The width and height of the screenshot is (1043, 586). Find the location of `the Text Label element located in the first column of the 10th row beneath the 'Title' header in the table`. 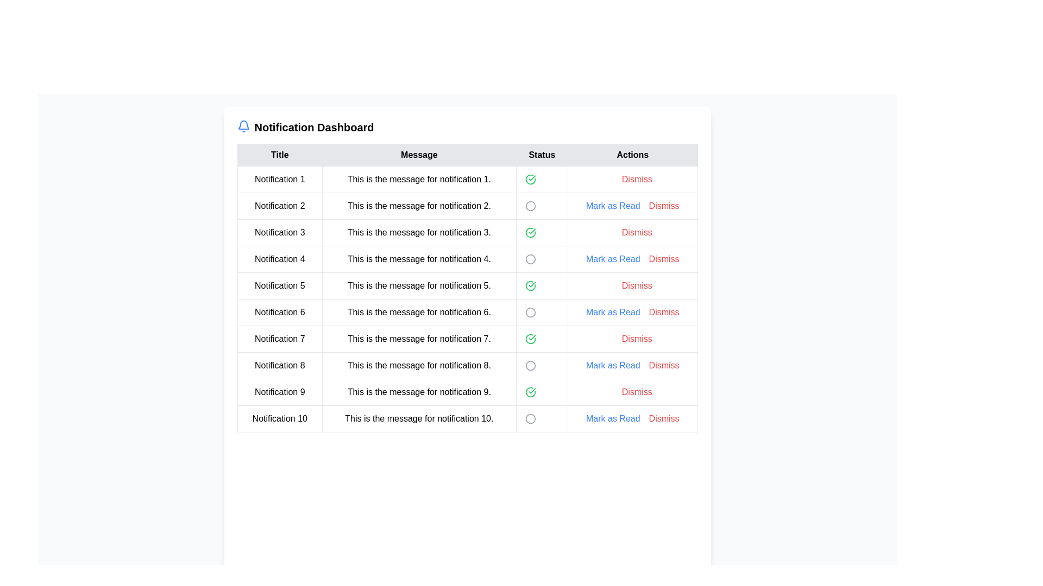

the Text Label element located in the first column of the 10th row beneath the 'Title' header in the table is located at coordinates (280, 418).